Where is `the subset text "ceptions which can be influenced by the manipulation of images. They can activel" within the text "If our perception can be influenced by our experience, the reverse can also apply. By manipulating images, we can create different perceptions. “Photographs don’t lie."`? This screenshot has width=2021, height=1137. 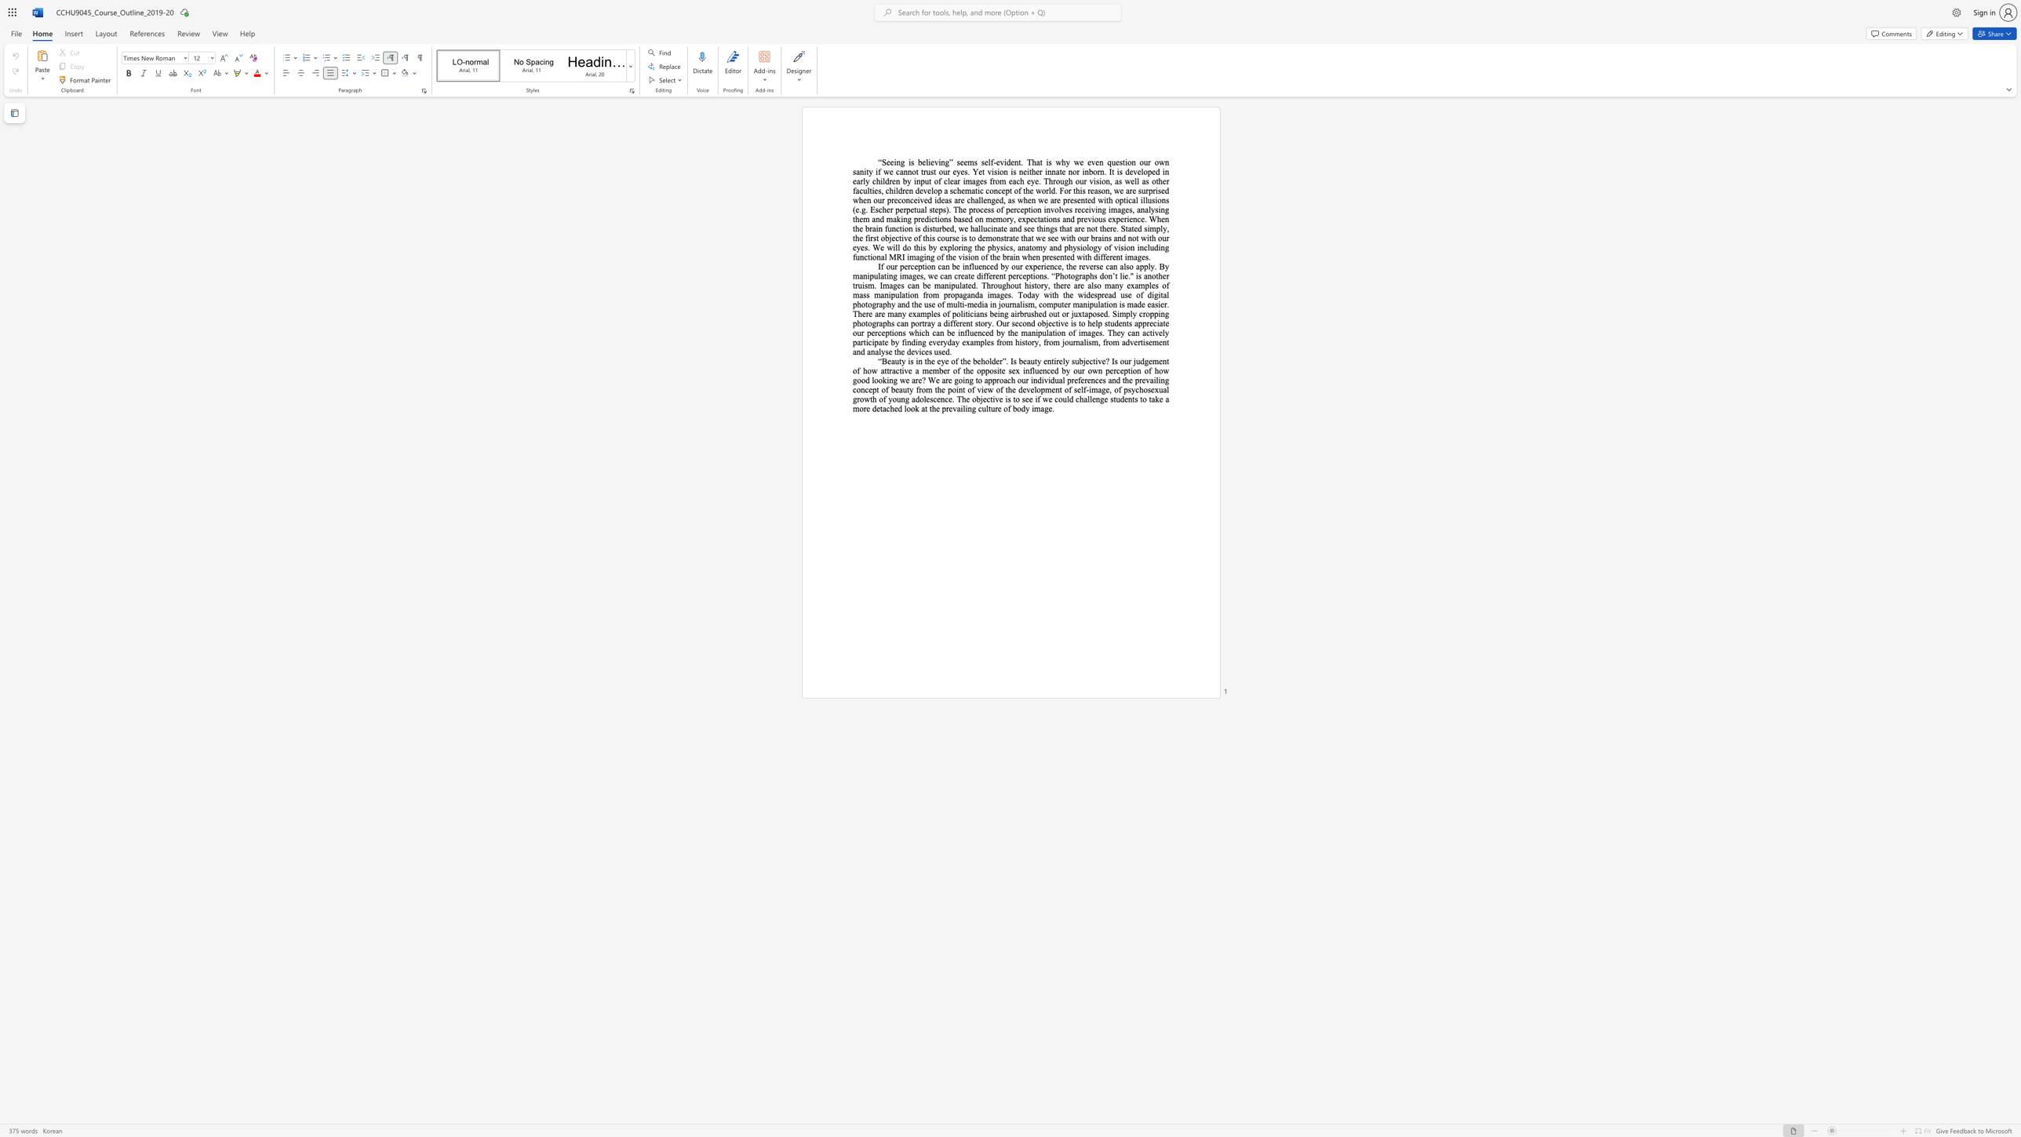
the subset text "ceptions which can be influenced by the manipulation of images. They can activel" within the text "If our perception can be influenced by our experience, the reverse can also apply. By manipulating images, we can create different perceptions. “Photographs don’t lie." is located at coordinates (878, 332).